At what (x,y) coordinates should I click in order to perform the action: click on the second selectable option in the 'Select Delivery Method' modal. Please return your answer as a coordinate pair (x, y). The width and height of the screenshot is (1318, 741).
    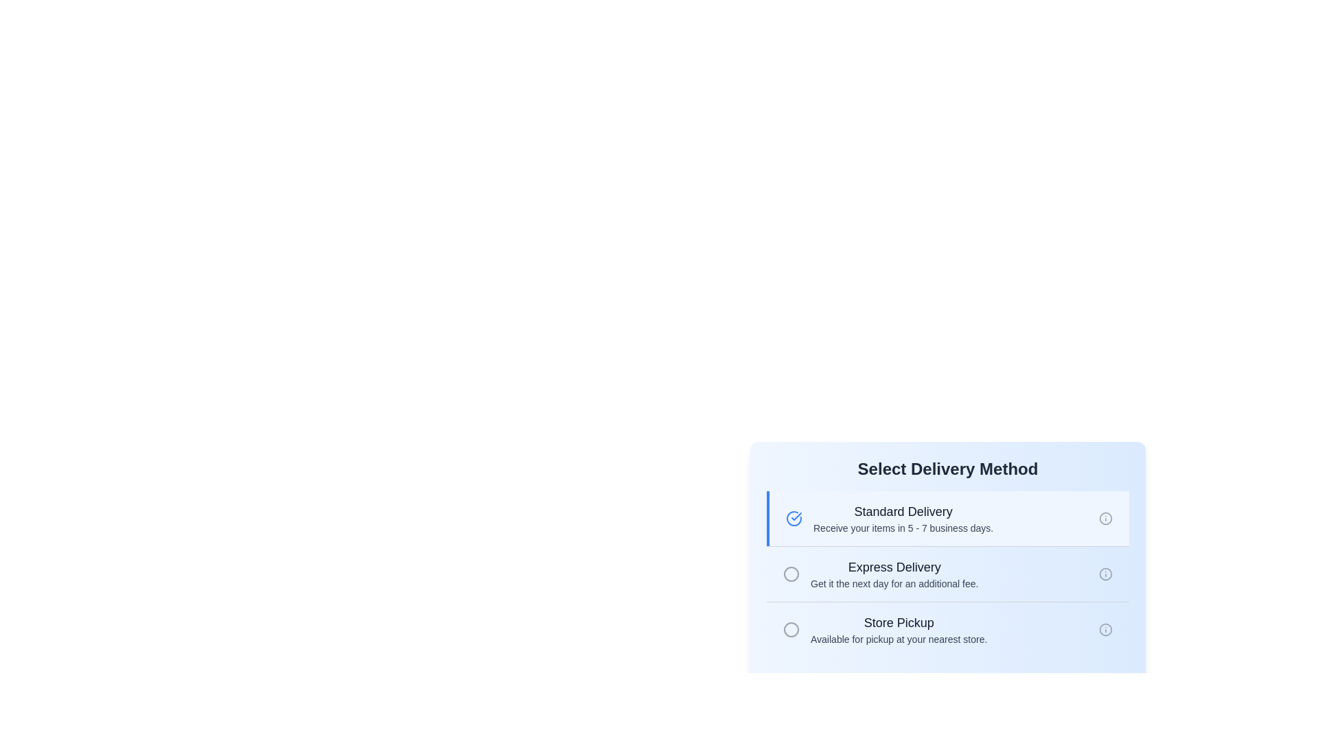
    Looking at the image, I should click on (947, 548).